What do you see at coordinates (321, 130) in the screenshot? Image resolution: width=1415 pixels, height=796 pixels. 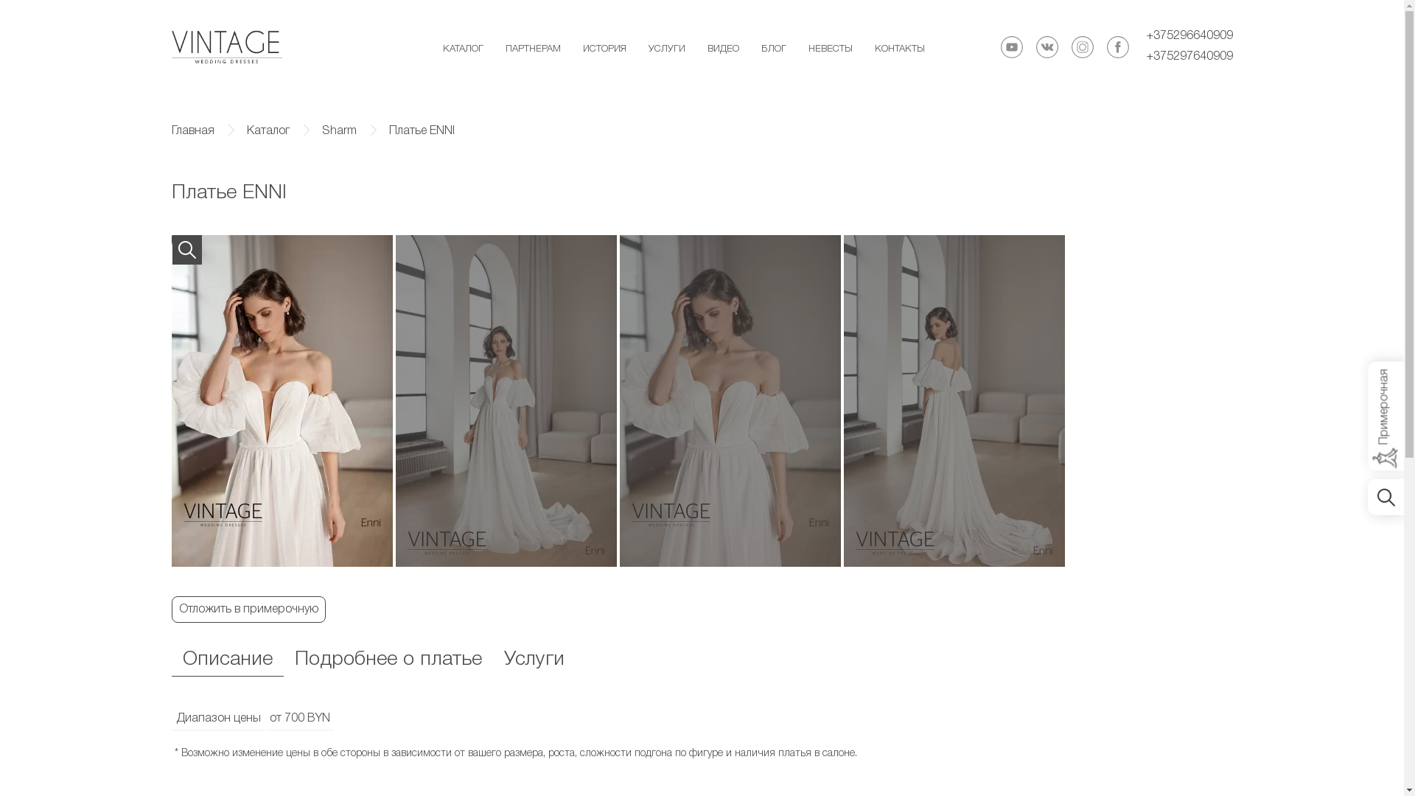 I see `'Sharm'` at bounding box center [321, 130].